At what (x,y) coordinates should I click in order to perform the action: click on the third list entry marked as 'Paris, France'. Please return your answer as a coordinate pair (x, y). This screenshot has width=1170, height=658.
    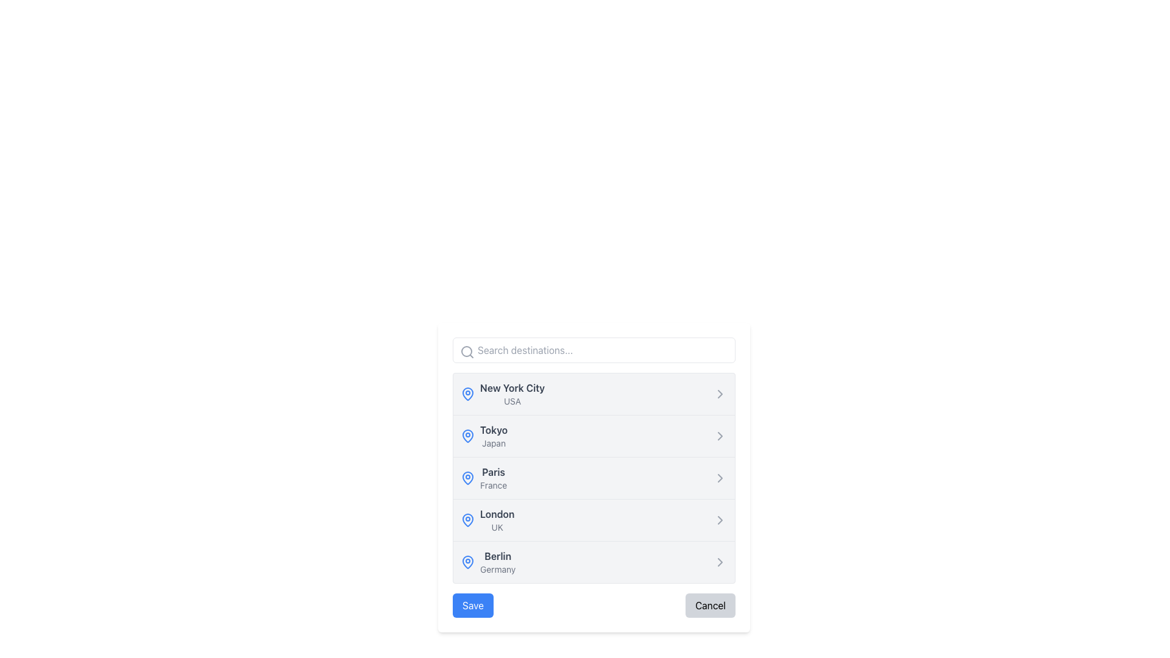
    Looking at the image, I should click on (594, 476).